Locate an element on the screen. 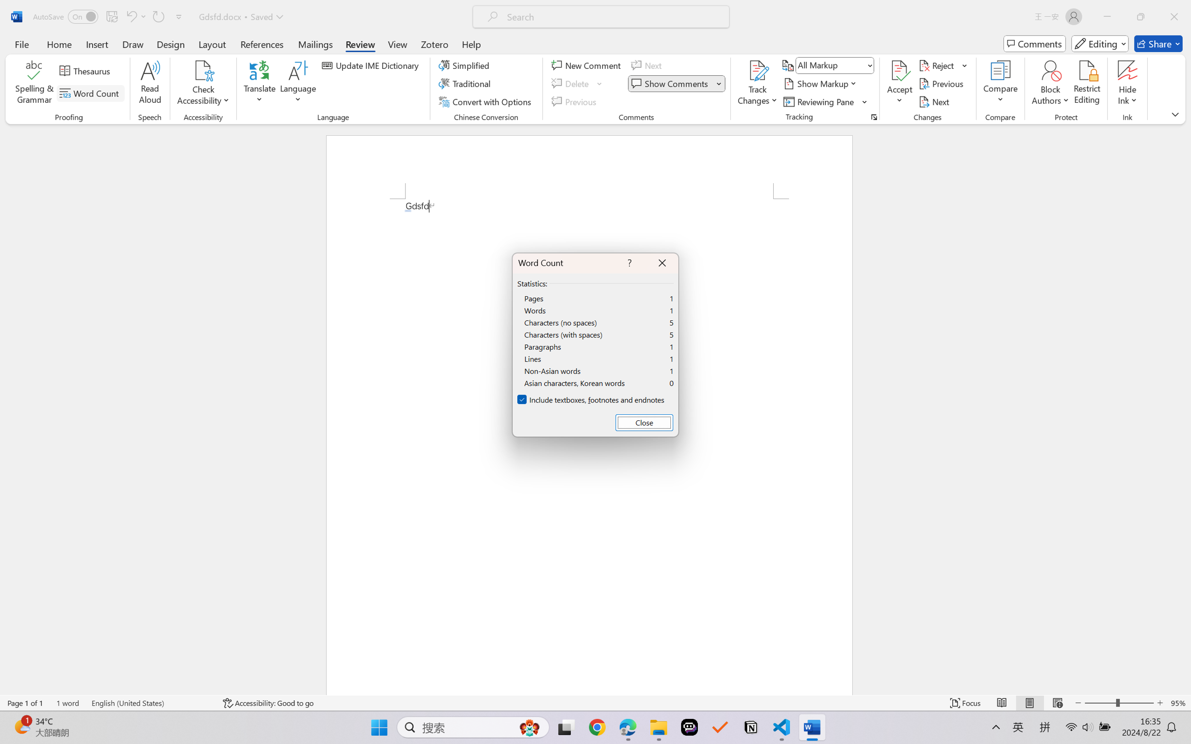 This screenshot has width=1191, height=744. 'Block Authors' is located at coordinates (1050, 70).